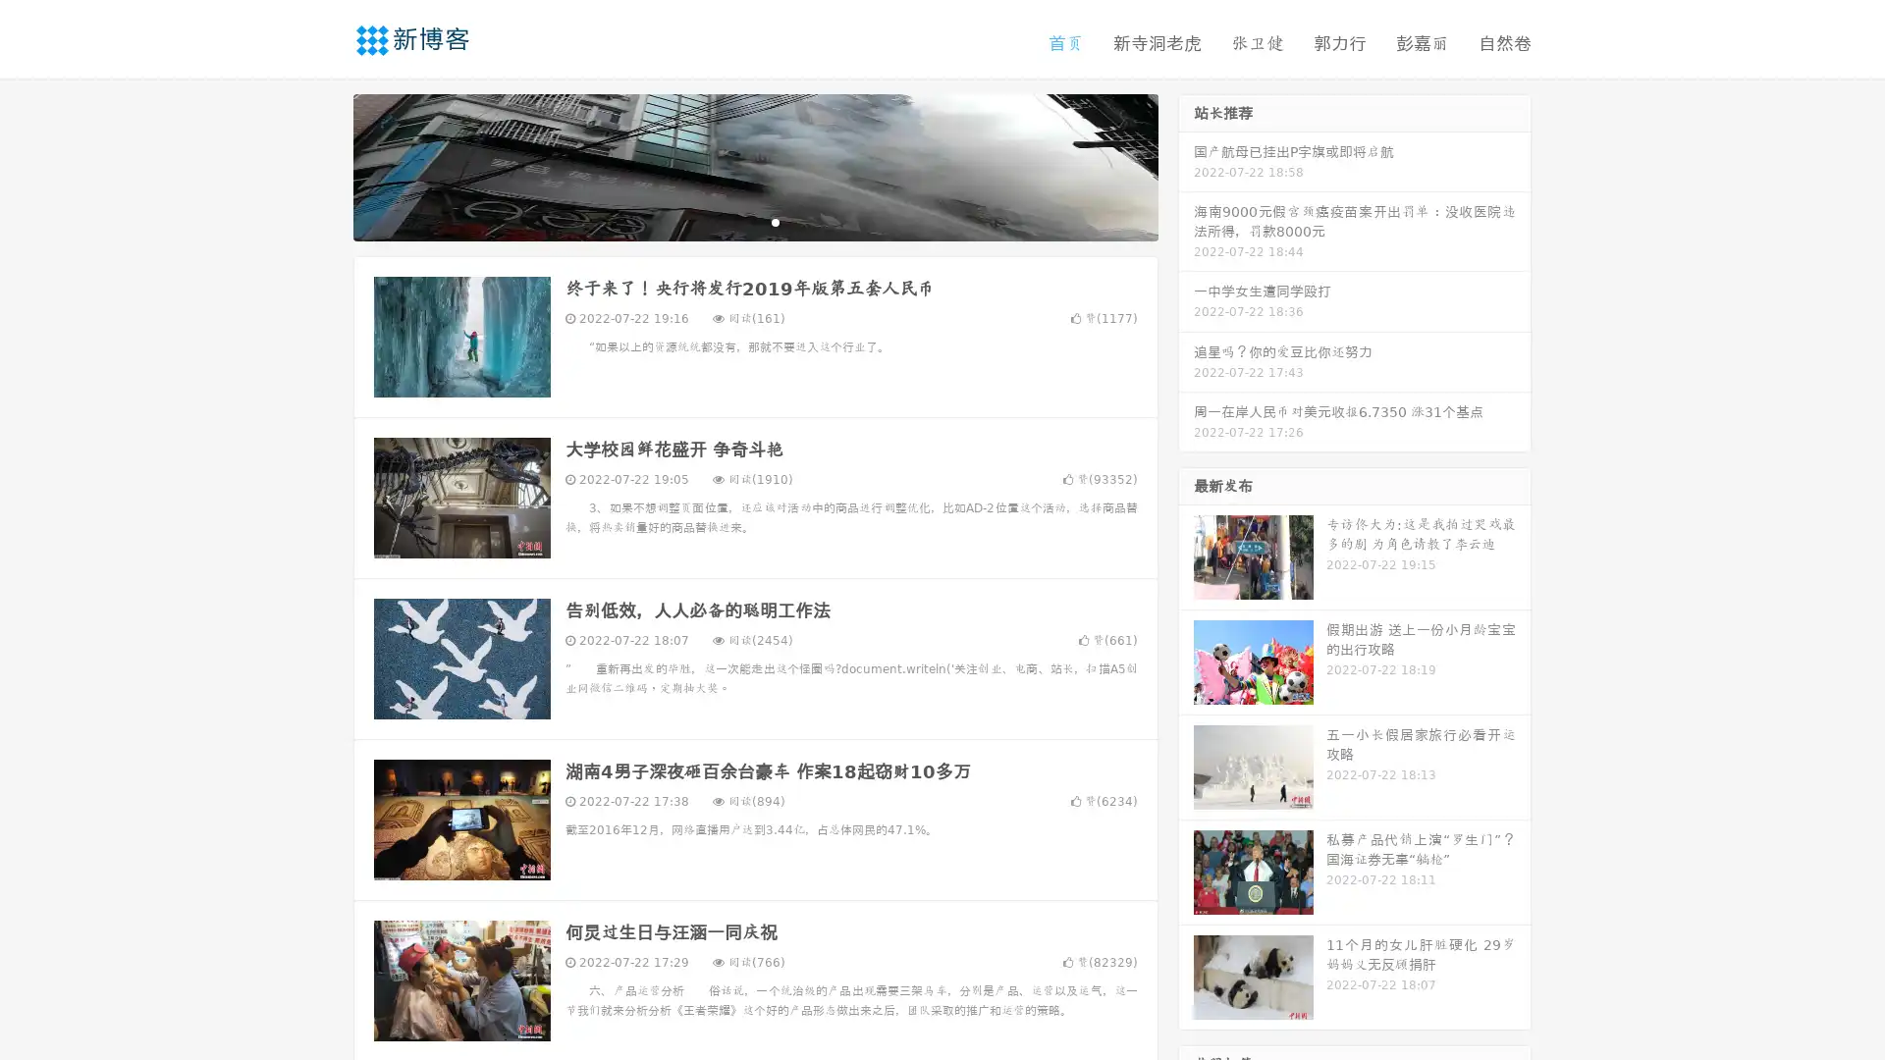 The width and height of the screenshot is (1885, 1060). What do you see at coordinates (775, 221) in the screenshot?
I see `Go to slide 3` at bounding box center [775, 221].